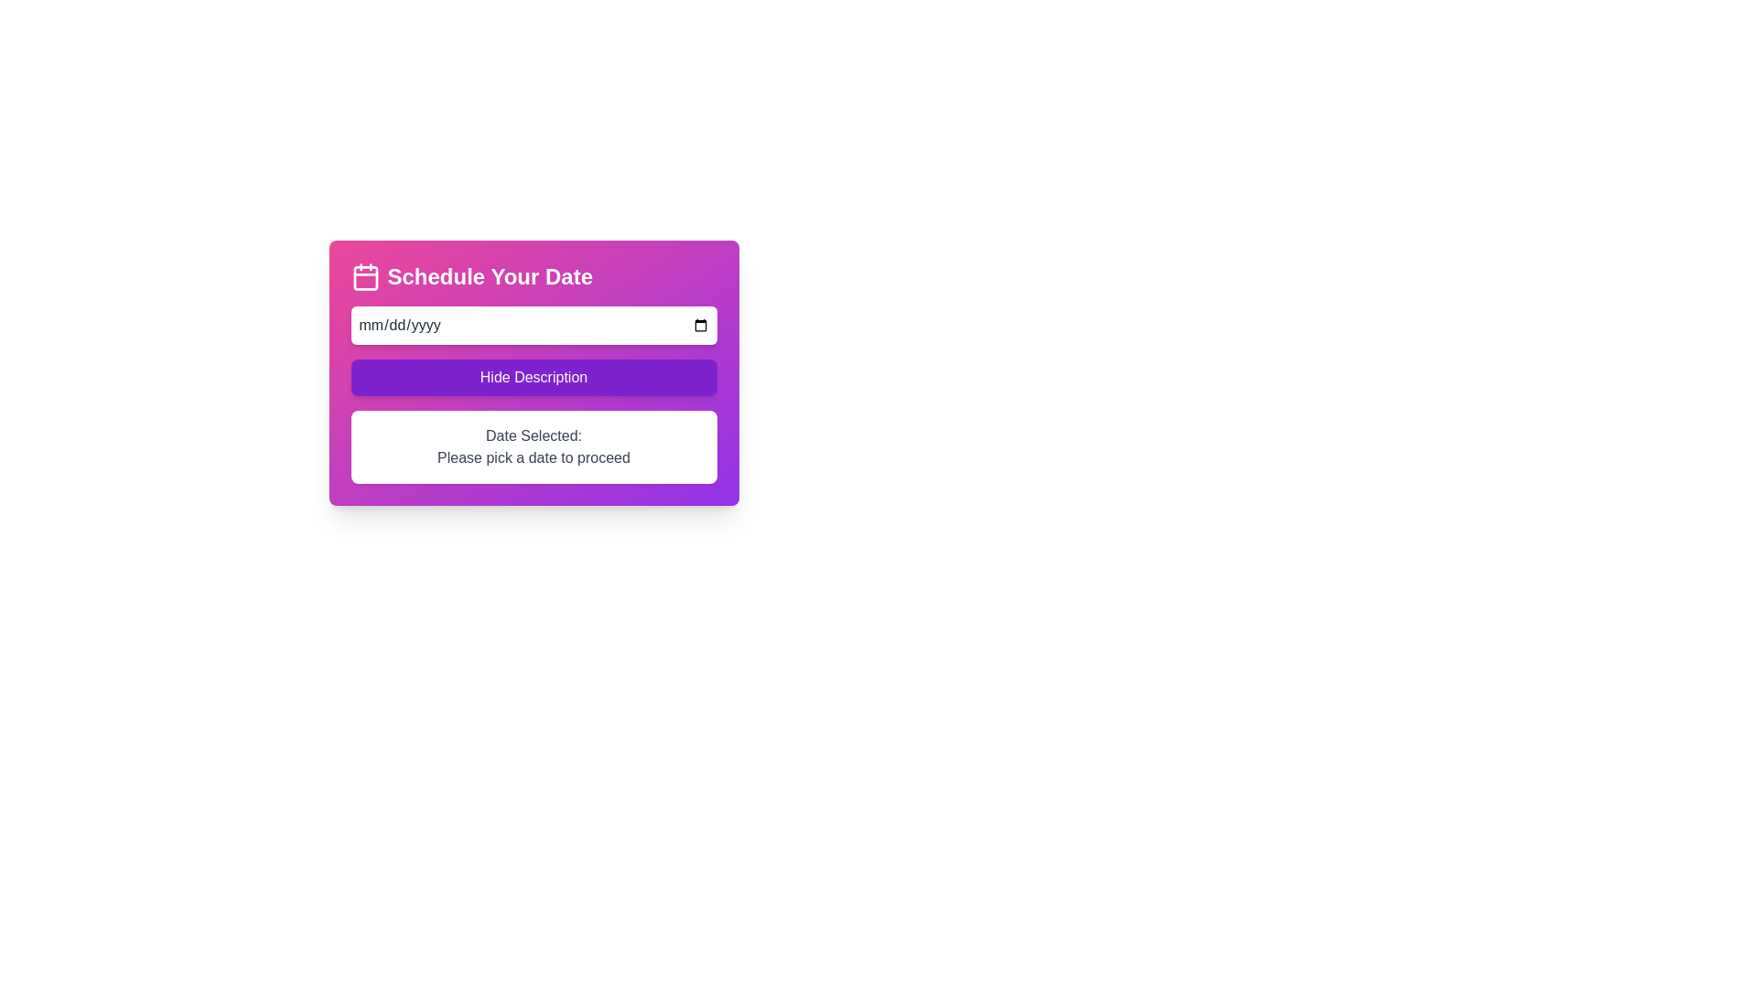 The image size is (1757, 988). I want to click on the decorative rectangular area inside the vibrant pink calendar icon located in the upper-left corner of the visible card, adjacent to the text 'Schedule Your Date', so click(365, 278).